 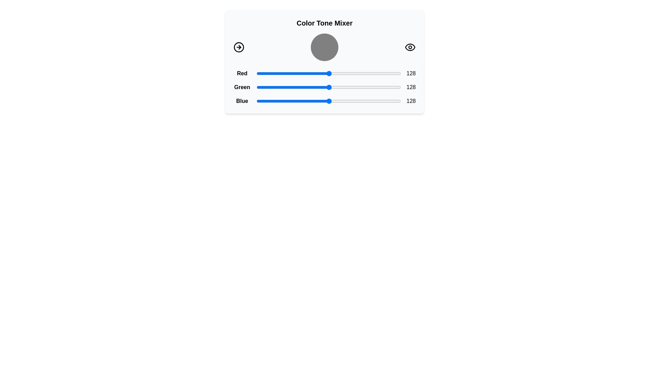 I want to click on the Static text display that shows the current value of the associated slider, positioned to the right of the slider component labeled 'Red', so click(x=411, y=73).